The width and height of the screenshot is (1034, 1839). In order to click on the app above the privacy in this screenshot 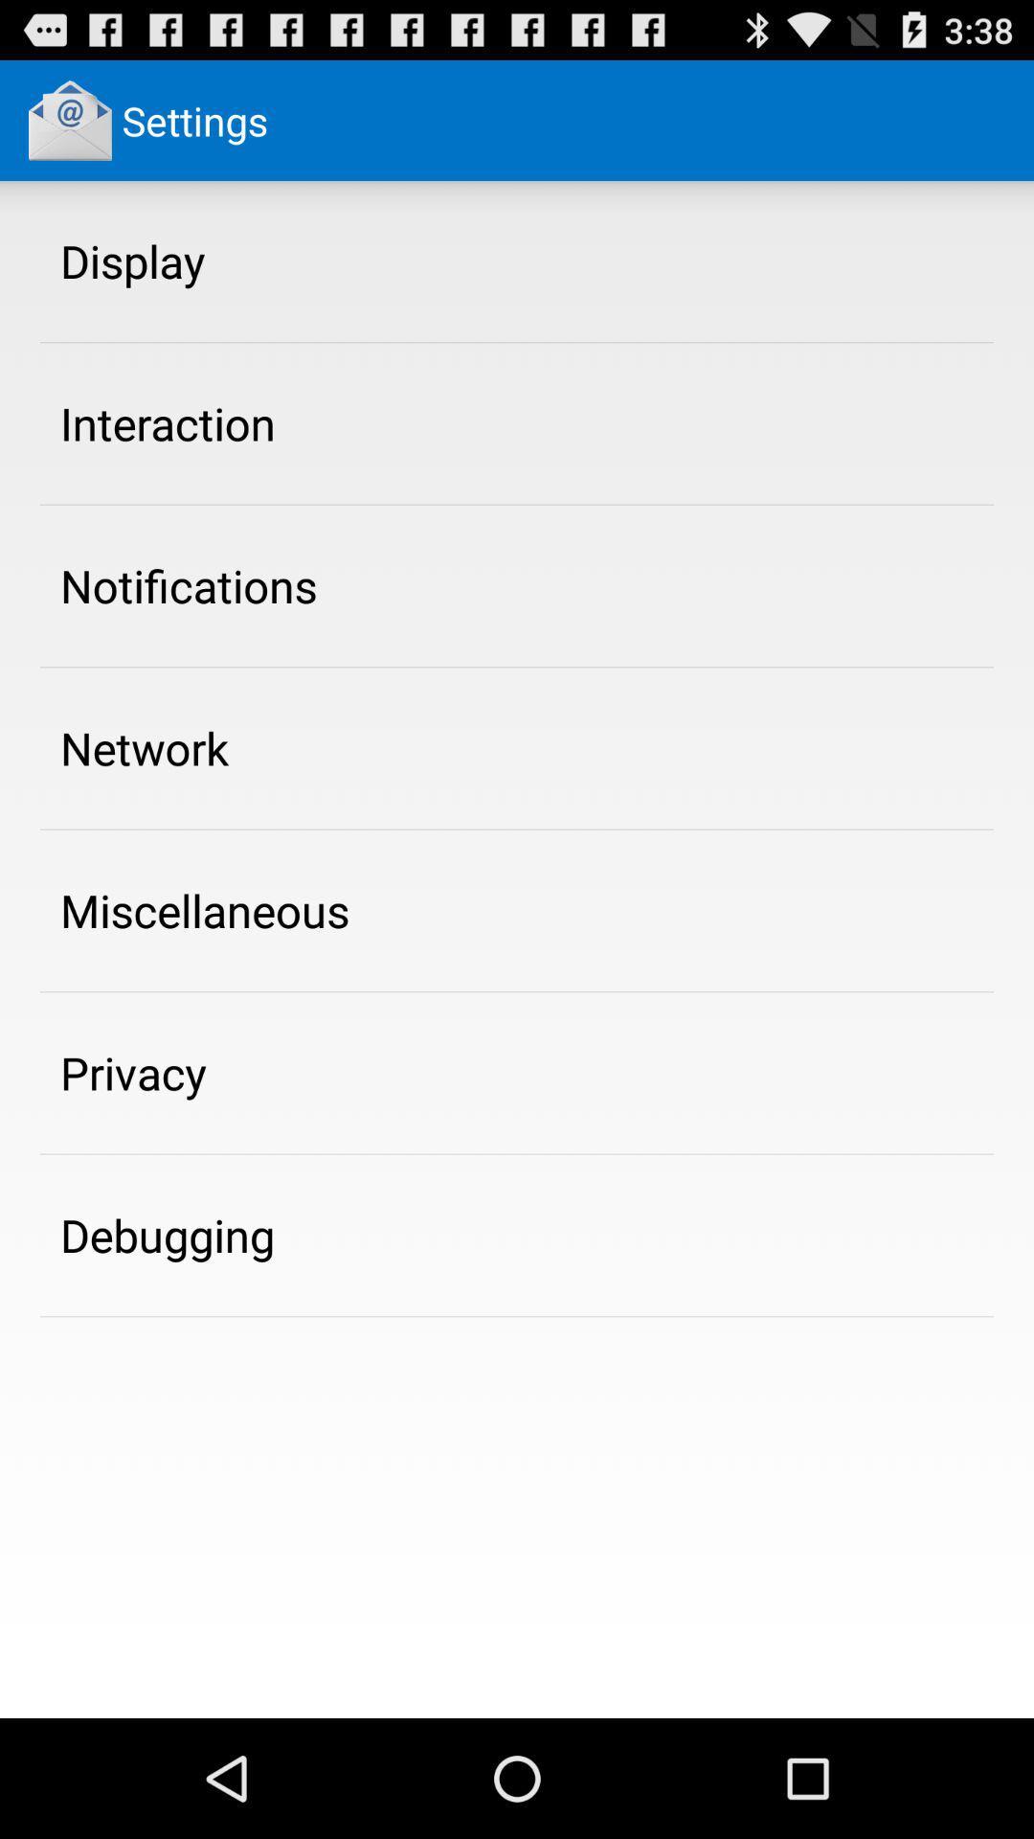, I will do `click(205, 909)`.